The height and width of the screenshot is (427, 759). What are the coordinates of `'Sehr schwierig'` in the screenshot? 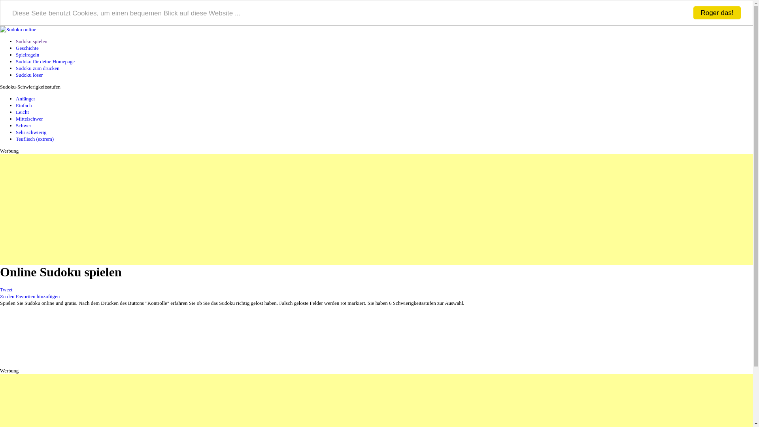 It's located at (31, 132).